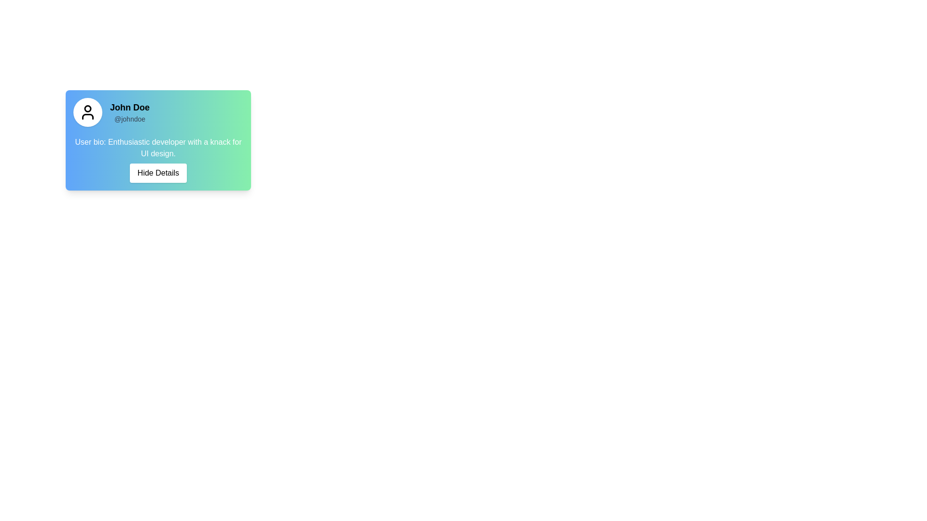 Image resolution: width=927 pixels, height=521 pixels. What do you see at coordinates (88, 116) in the screenshot?
I see `the lower section of the user SVG icon, which resembles shoulders, to trigger any hover effects` at bounding box center [88, 116].